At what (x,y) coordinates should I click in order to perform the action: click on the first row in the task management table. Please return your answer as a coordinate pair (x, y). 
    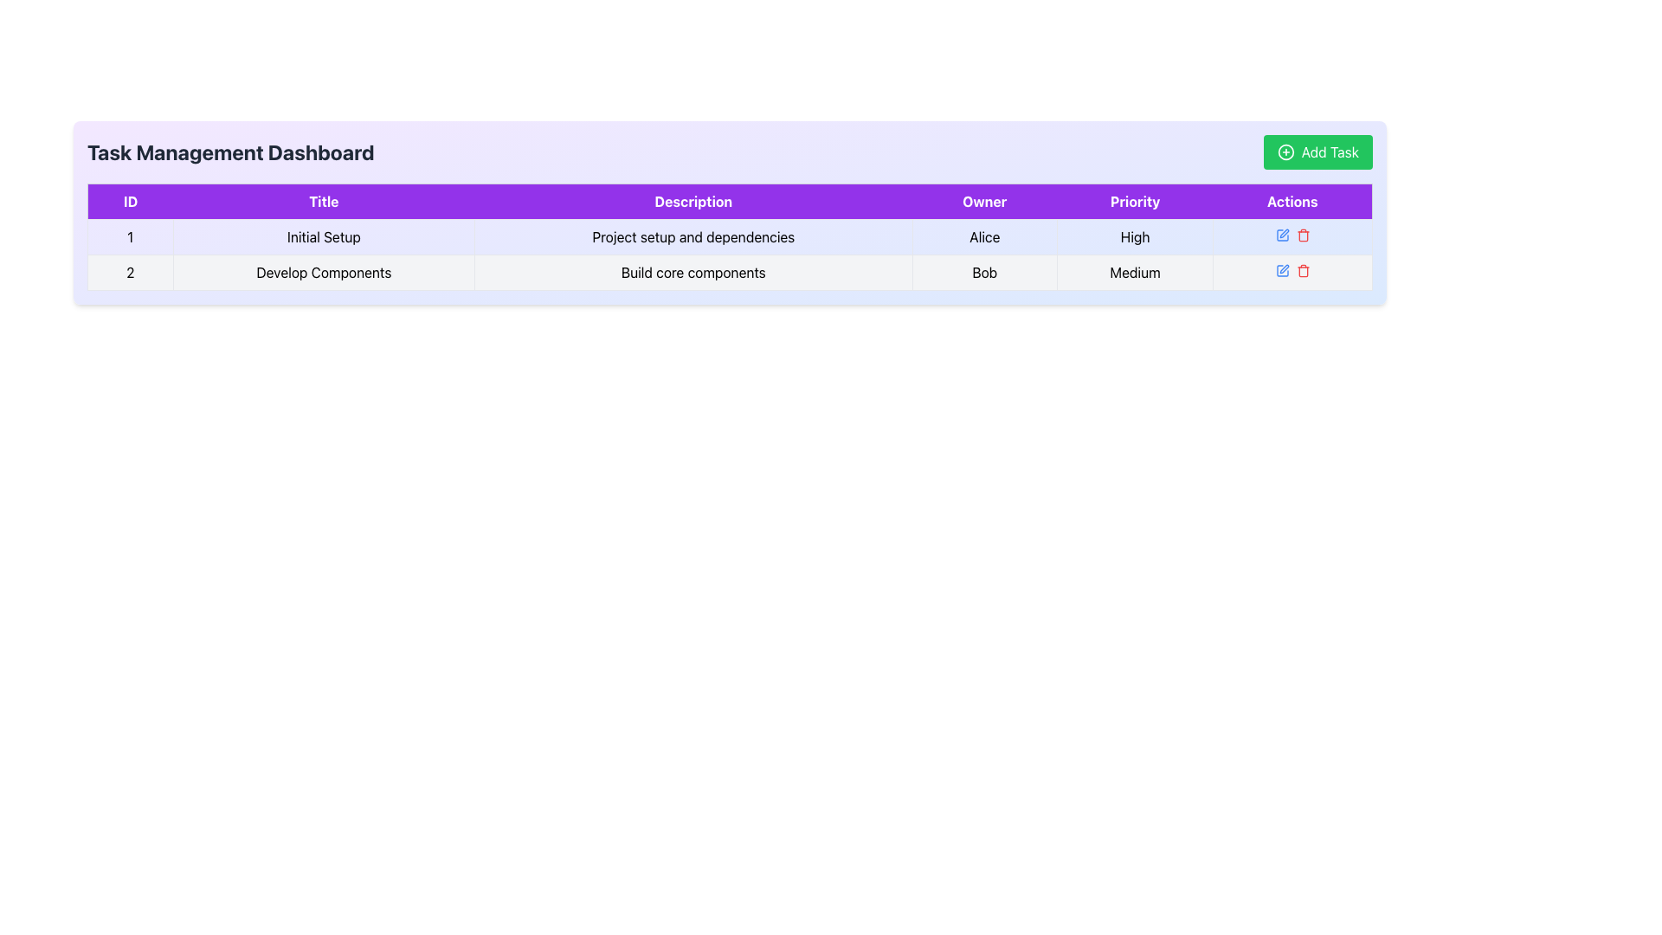
    Looking at the image, I should click on (730, 255).